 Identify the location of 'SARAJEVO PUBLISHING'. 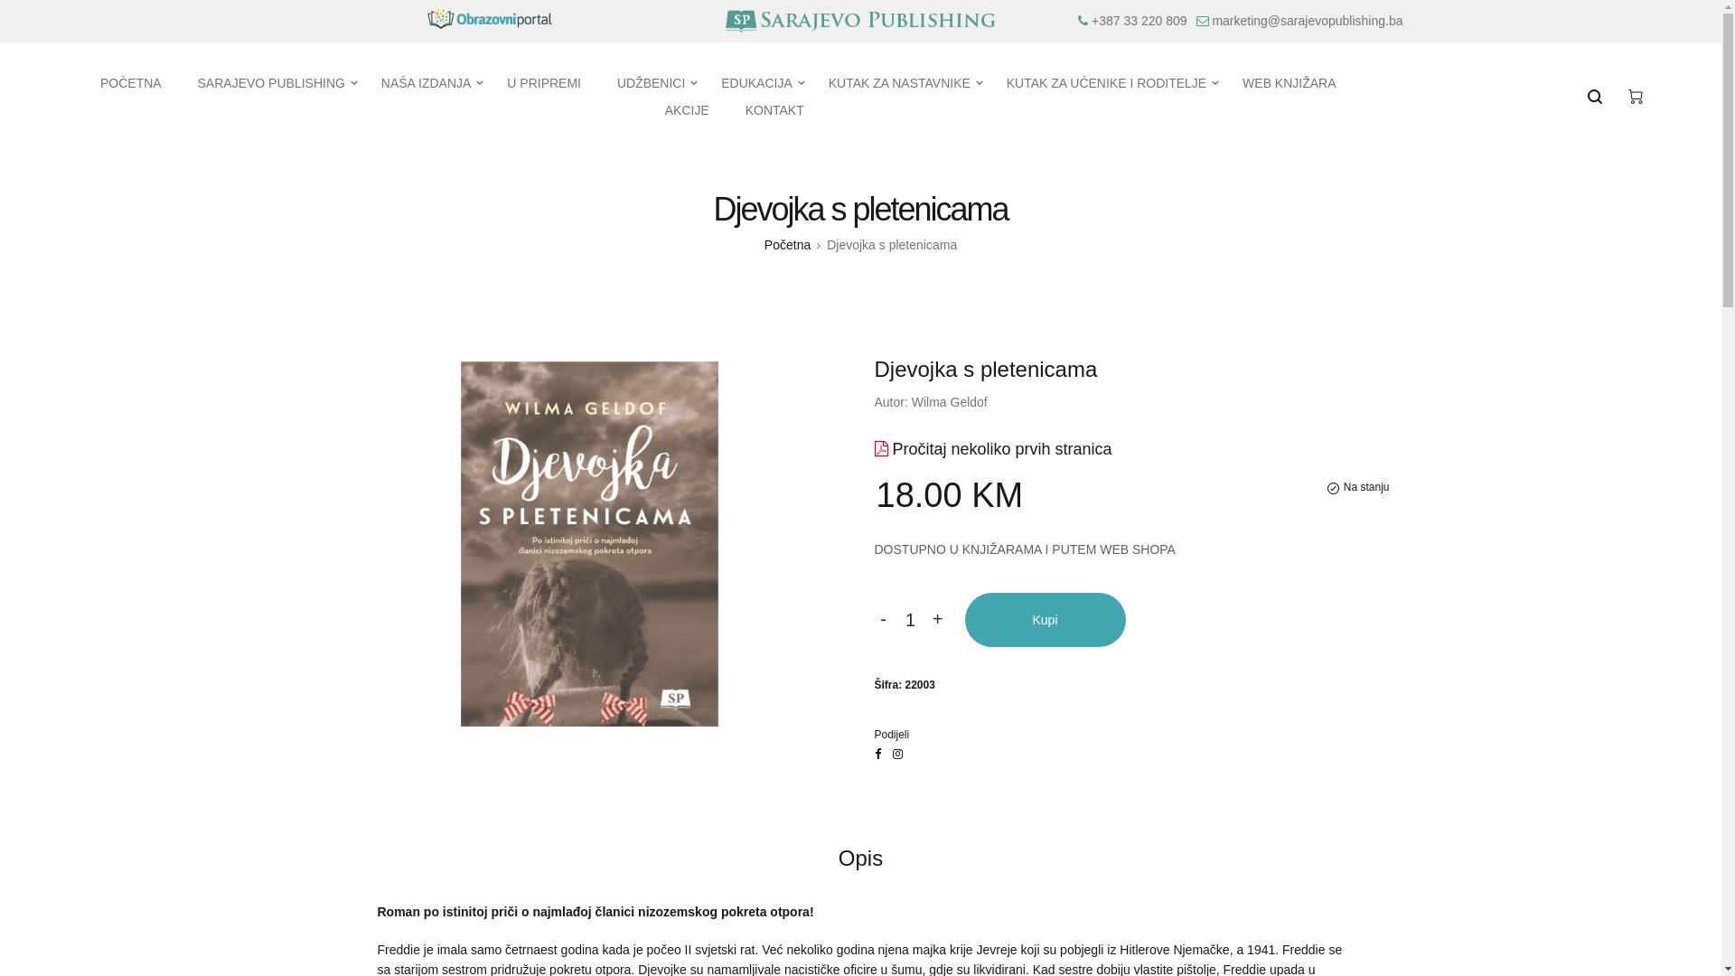
(270, 83).